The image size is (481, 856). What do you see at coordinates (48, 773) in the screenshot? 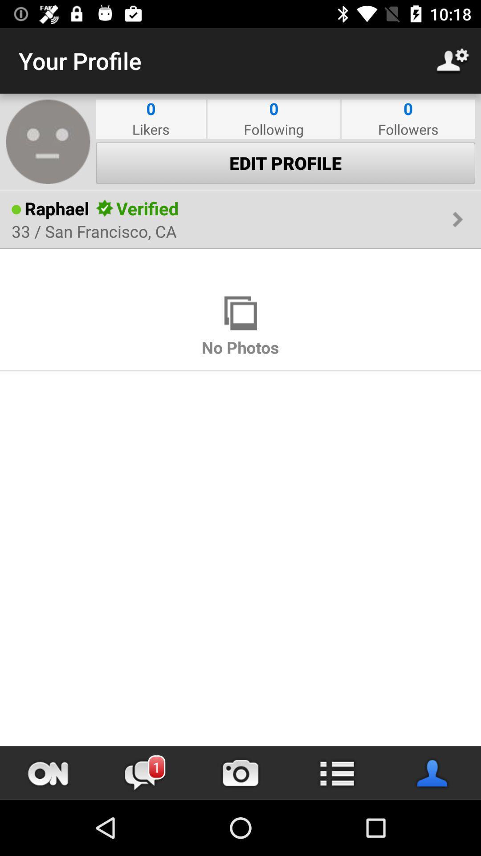
I see `turn profile on` at bounding box center [48, 773].